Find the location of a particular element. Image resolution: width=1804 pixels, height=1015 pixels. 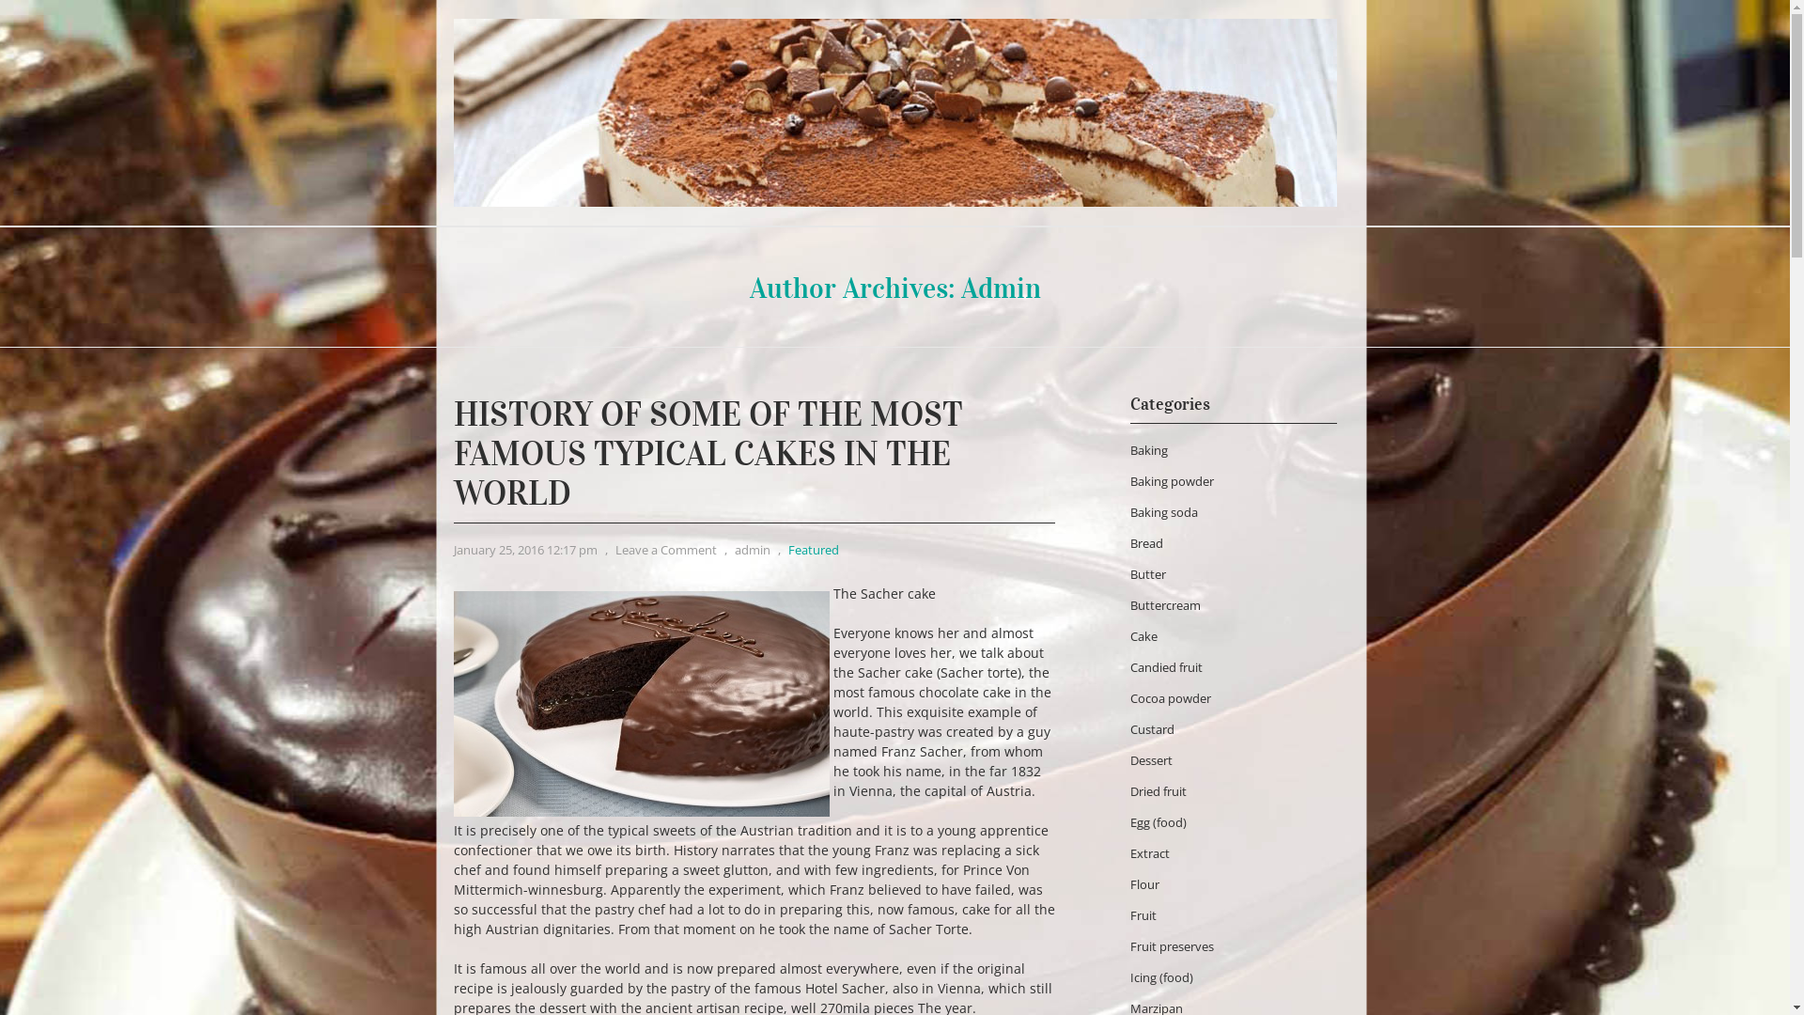

'Extract' is located at coordinates (1148, 852).